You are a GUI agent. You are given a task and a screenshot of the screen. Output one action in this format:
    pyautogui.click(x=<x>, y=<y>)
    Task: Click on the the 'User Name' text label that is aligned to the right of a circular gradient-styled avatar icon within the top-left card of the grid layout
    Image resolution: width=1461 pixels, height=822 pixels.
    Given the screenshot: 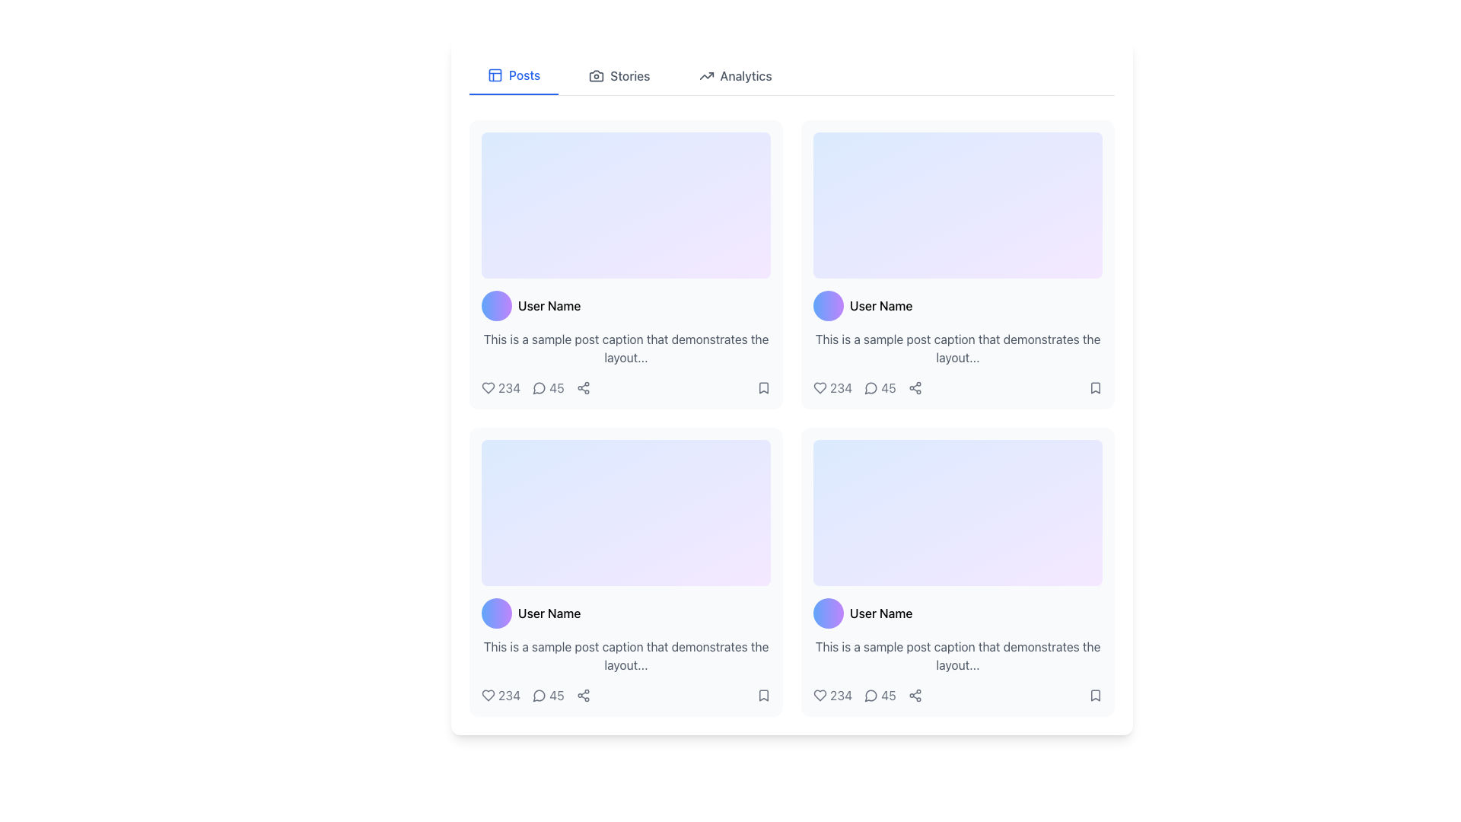 What is the action you would take?
    pyautogui.click(x=549, y=305)
    